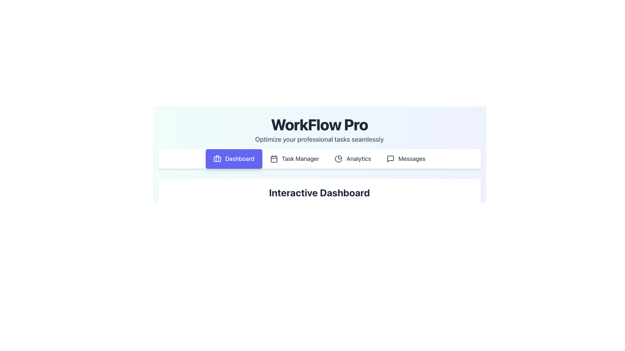 This screenshot has width=625, height=351. I want to click on the Navigation bar with buttons to trigger the hover state effect on the buttons labeled 'Dashboard', 'Task Manager', 'Analytics', and 'Messages', so click(319, 159).